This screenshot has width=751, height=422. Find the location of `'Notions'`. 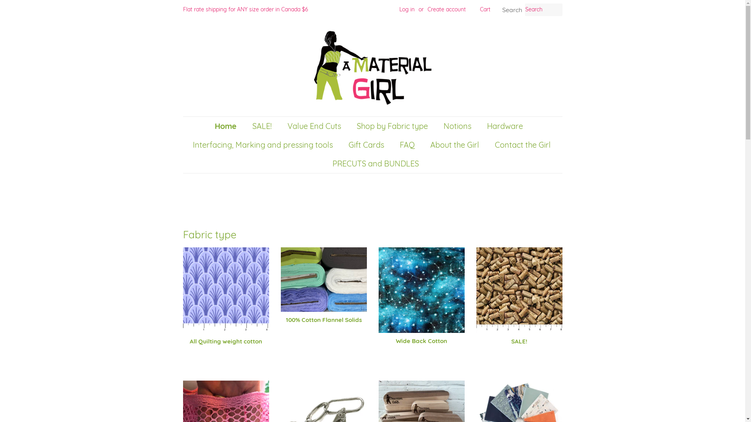

'Notions' is located at coordinates (437, 126).